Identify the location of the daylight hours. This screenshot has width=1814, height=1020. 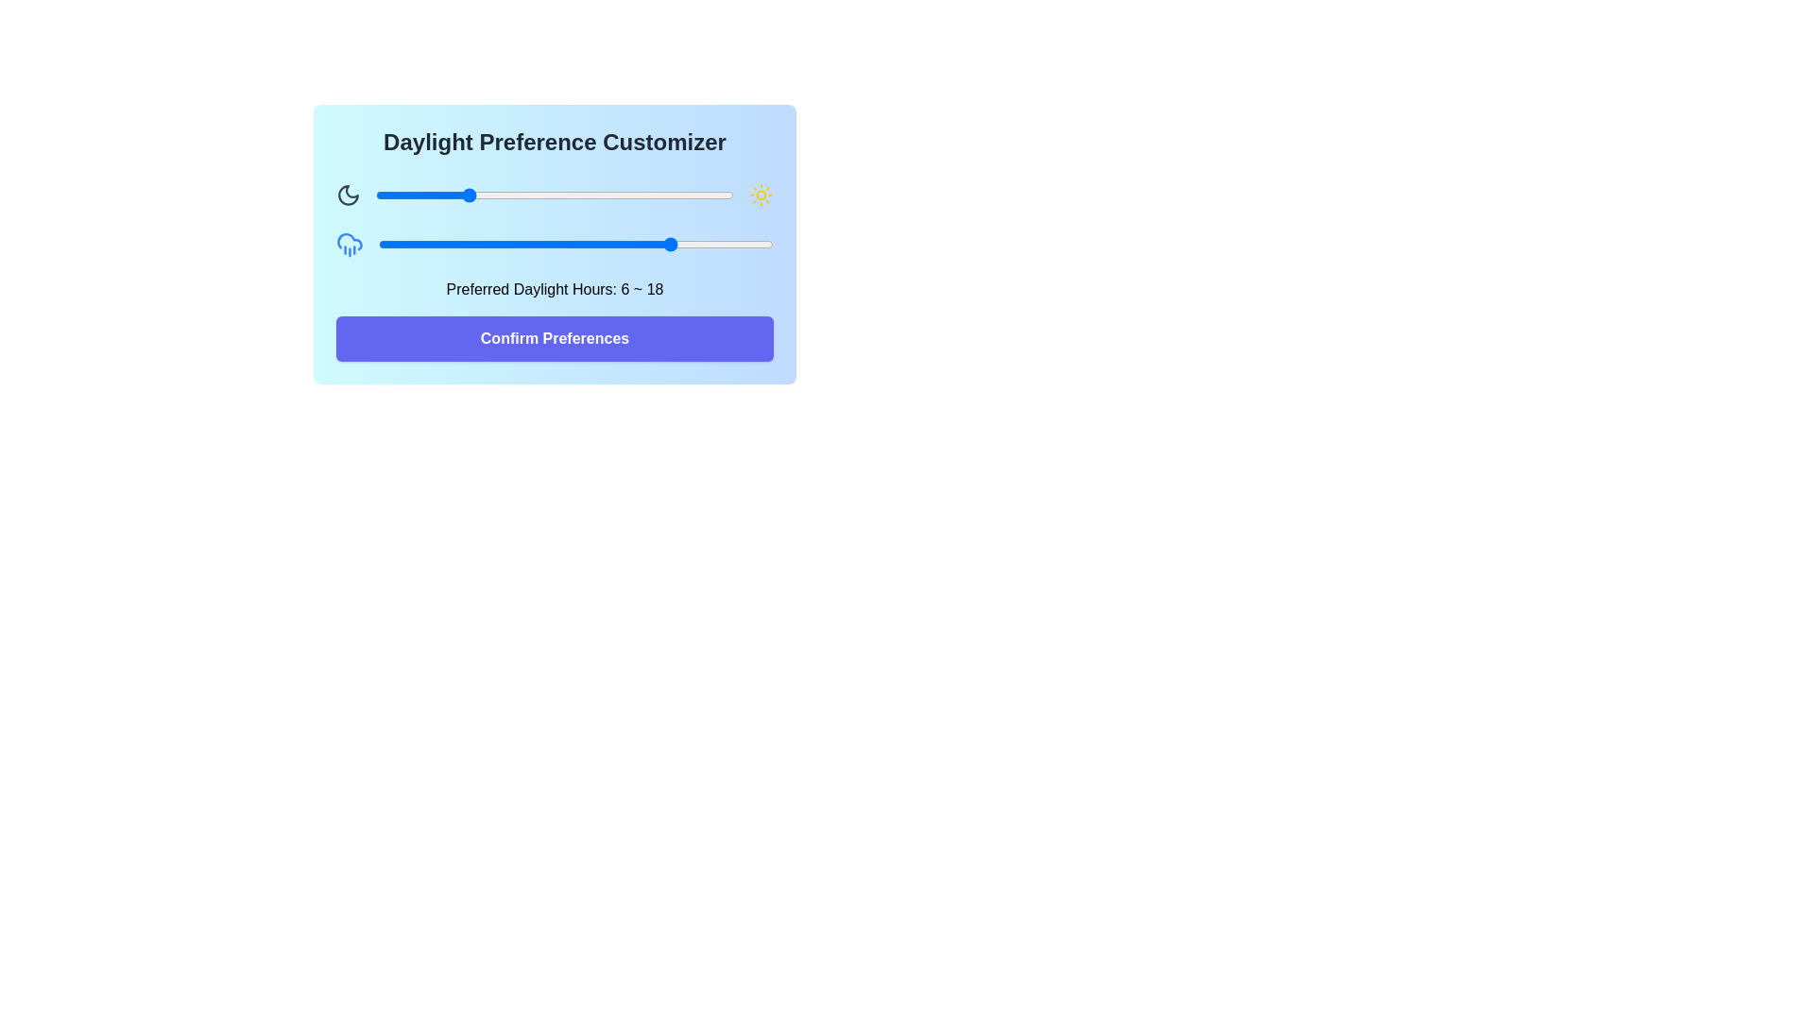
(465, 195).